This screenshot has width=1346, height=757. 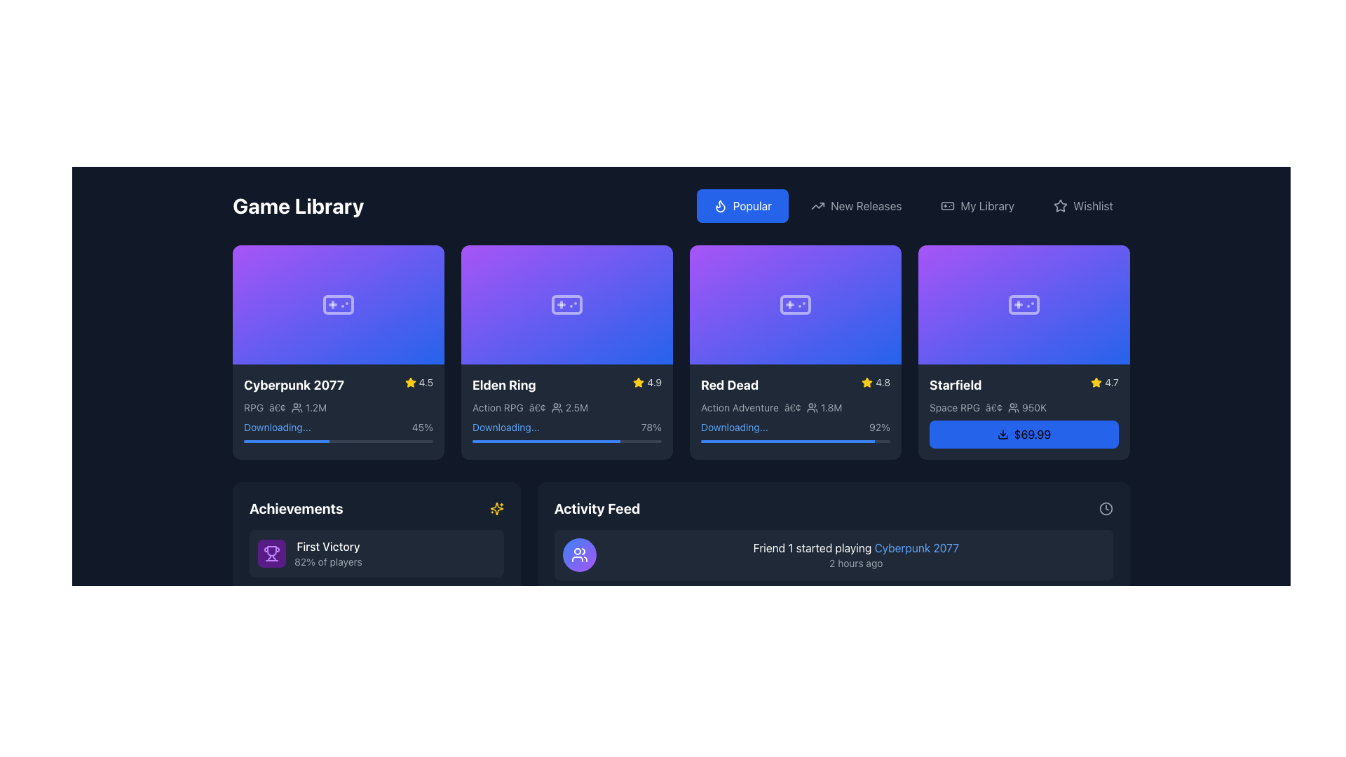 What do you see at coordinates (654, 263) in the screenshot?
I see `the button located at the top-right corner of the 'Elden Ring' game card in the 'Popular' section, which initiates an action related to the game` at bounding box center [654, 263].